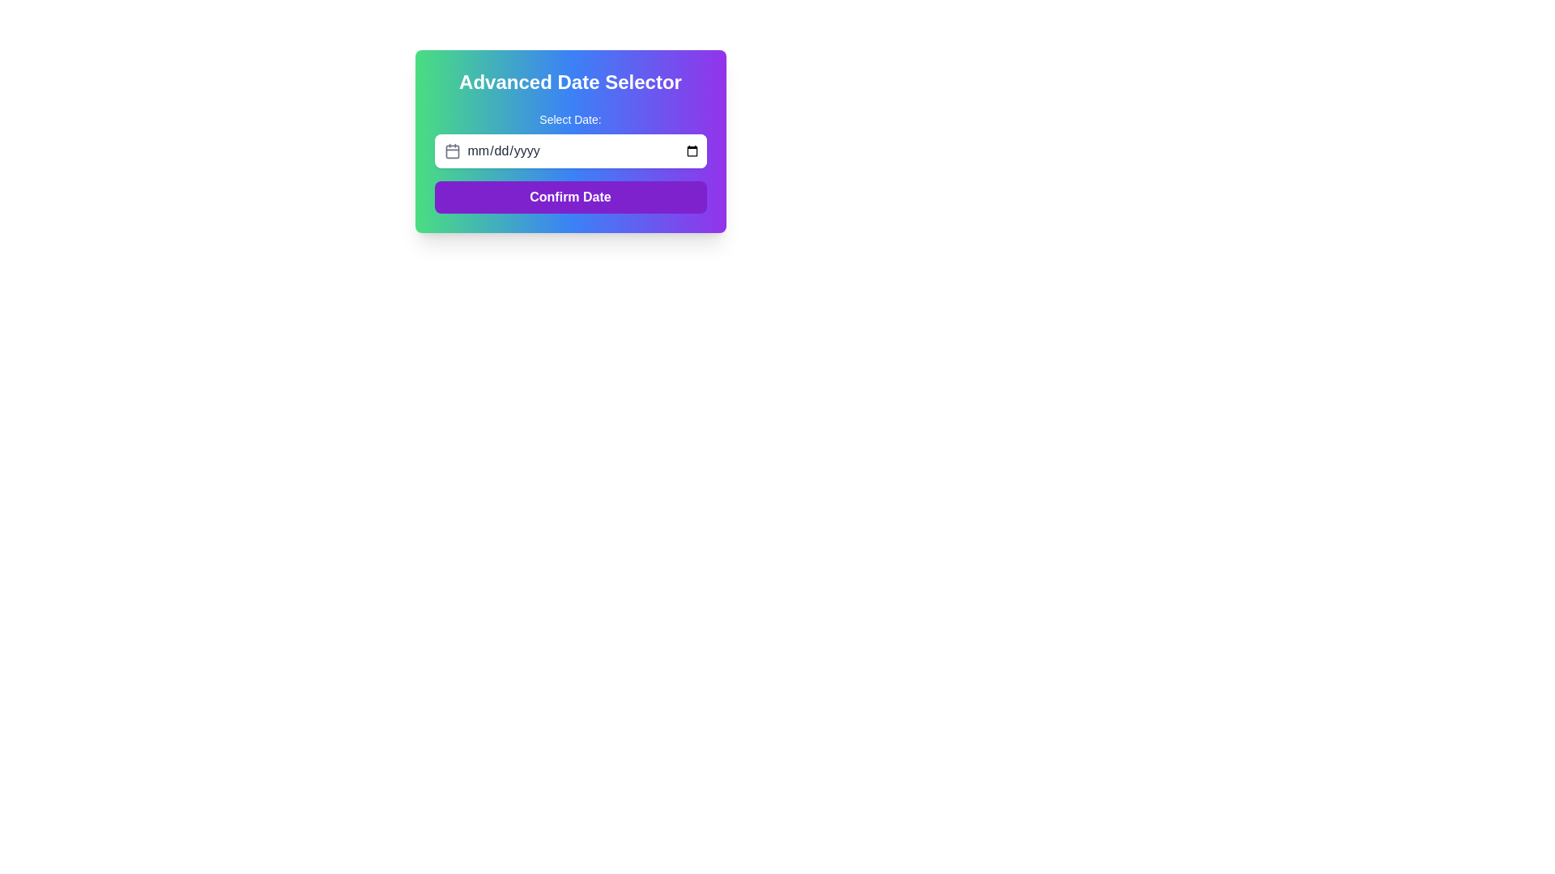  What do you see at coordinates (452, 151) in the screenshot?
I see `the date picker icon located at the far-left side of the date input field` at bounding box center [452, 151].